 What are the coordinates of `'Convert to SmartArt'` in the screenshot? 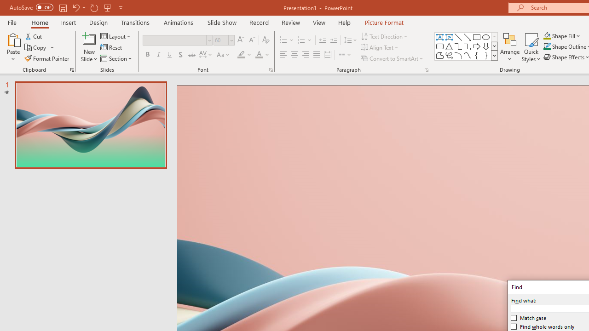 It's located at (393, 58).